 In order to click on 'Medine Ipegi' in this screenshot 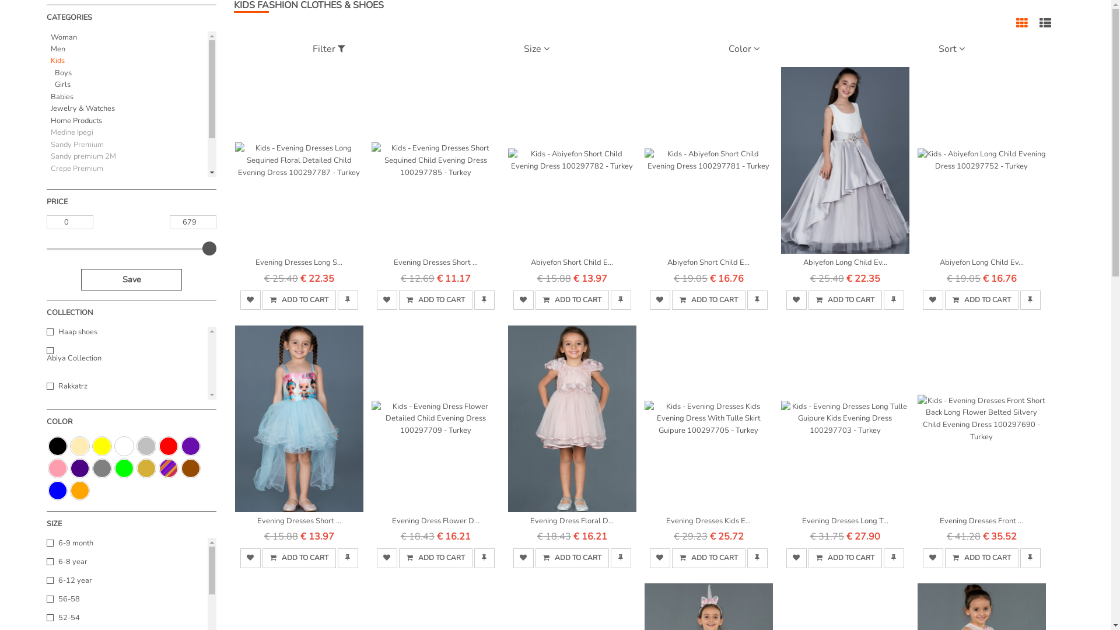, I will do `click(49, 132)`.